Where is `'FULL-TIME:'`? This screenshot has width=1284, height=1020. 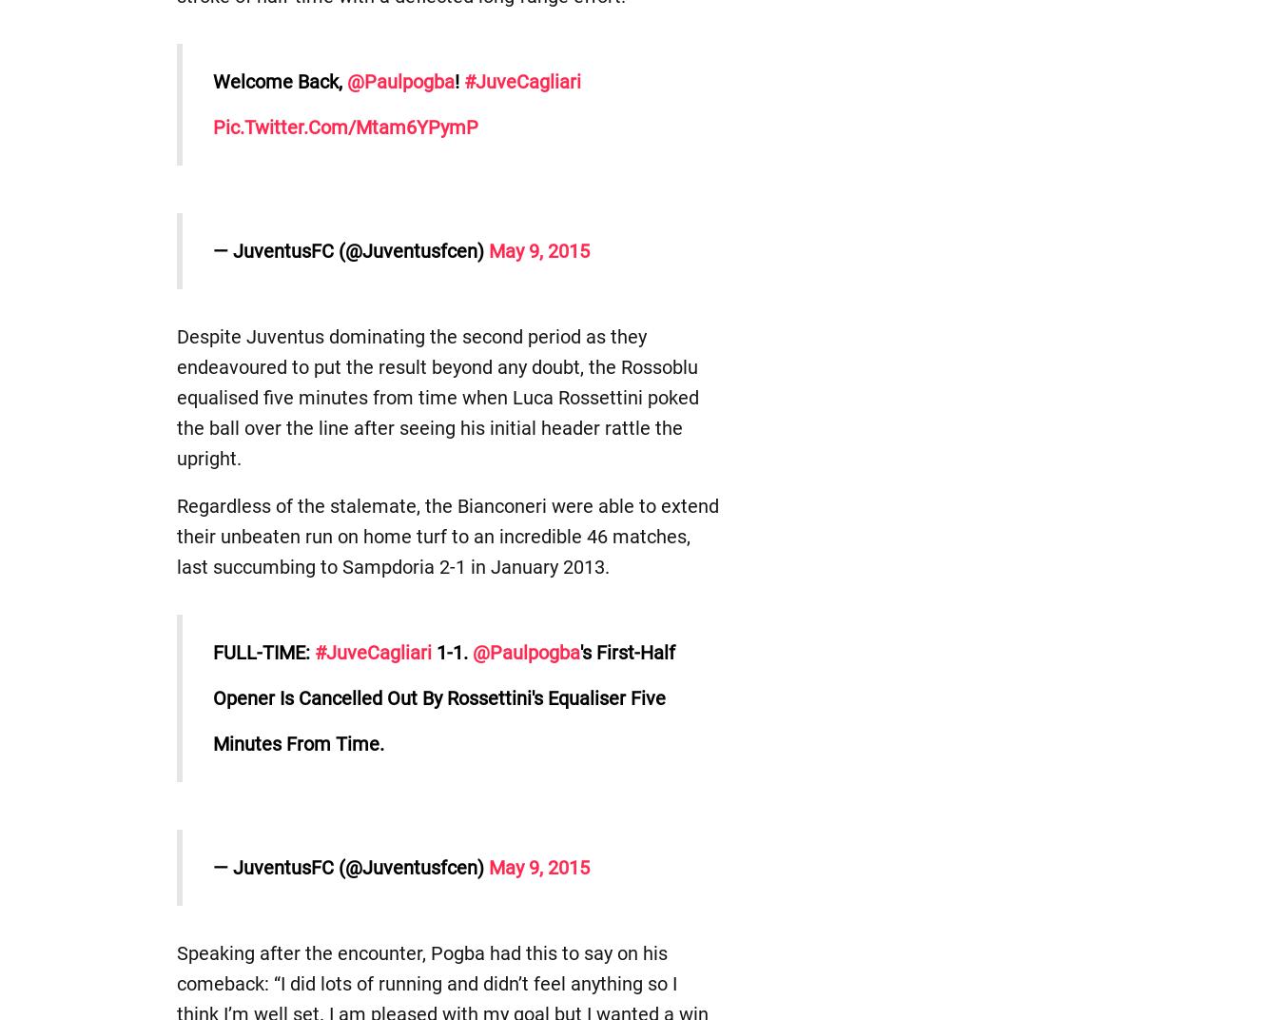
'FULL-TIME:' is located at coordinates (262, 651).